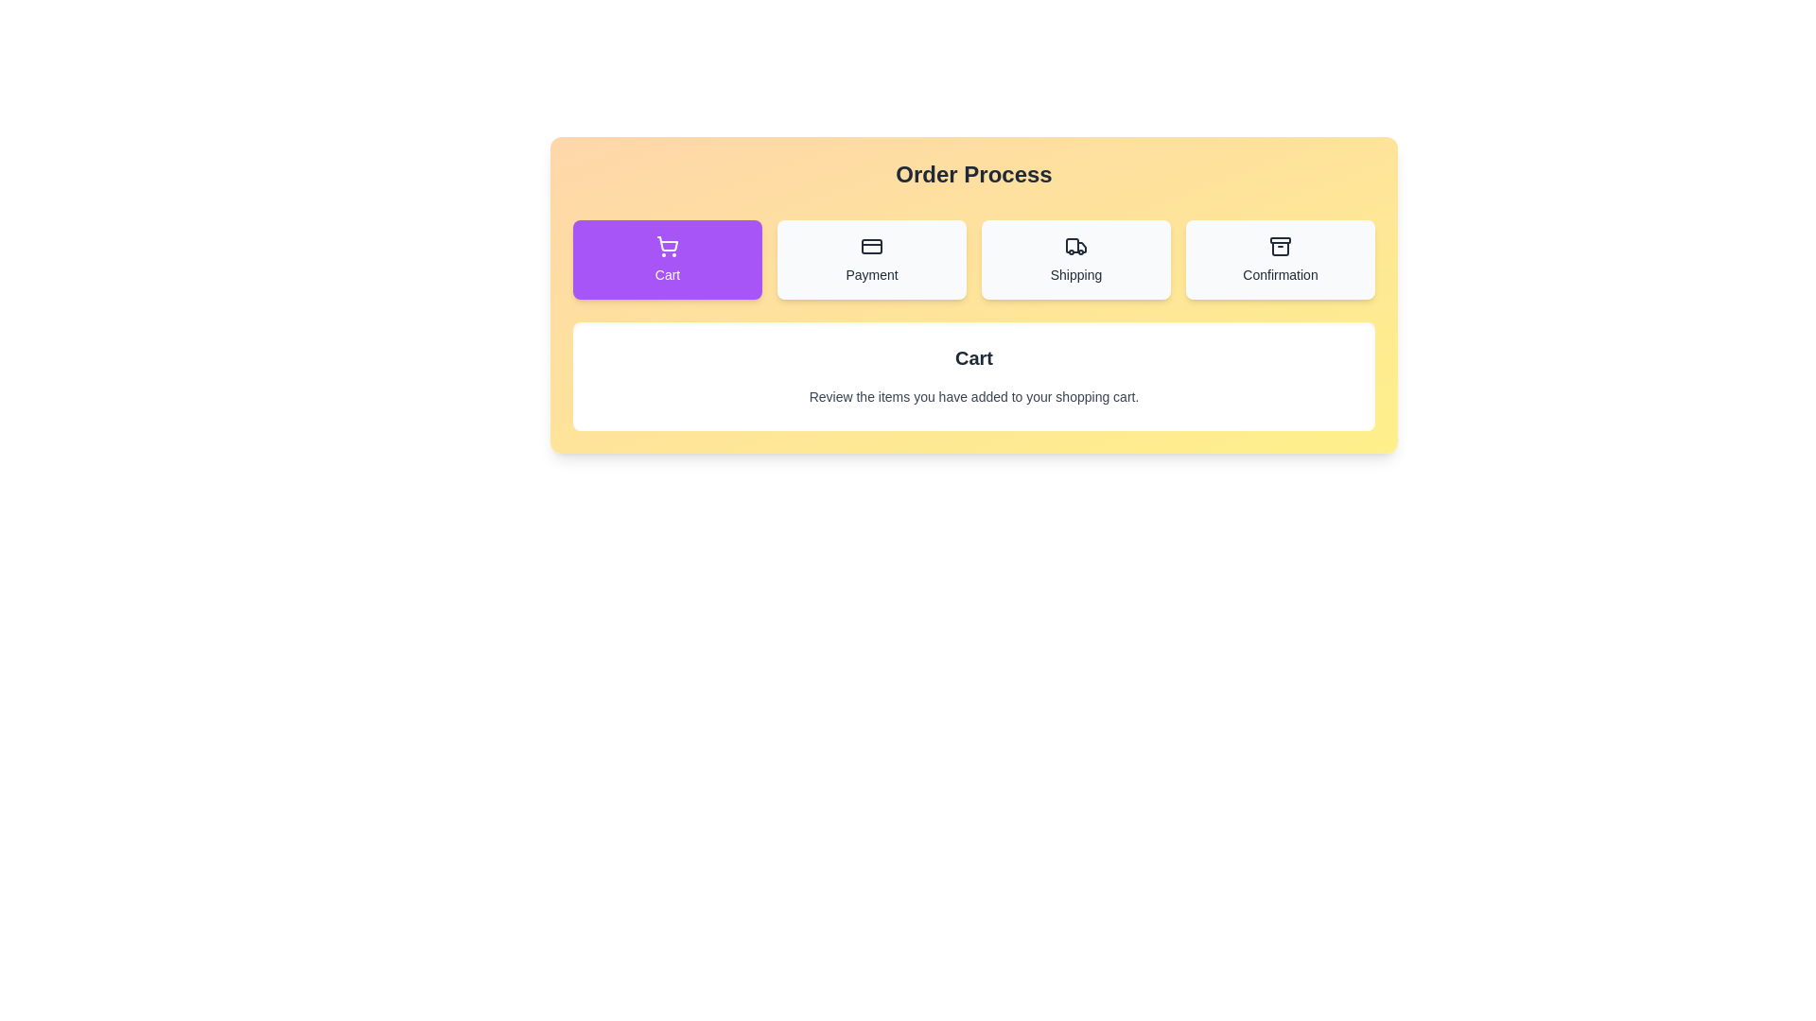 This screenshot has height=1021, width=1816. What do you see at coordinates (1280, 259) in the screenshot?
I see `the 'Confirmation' button to view the confirmation message` at bounding box center [1280, 259].